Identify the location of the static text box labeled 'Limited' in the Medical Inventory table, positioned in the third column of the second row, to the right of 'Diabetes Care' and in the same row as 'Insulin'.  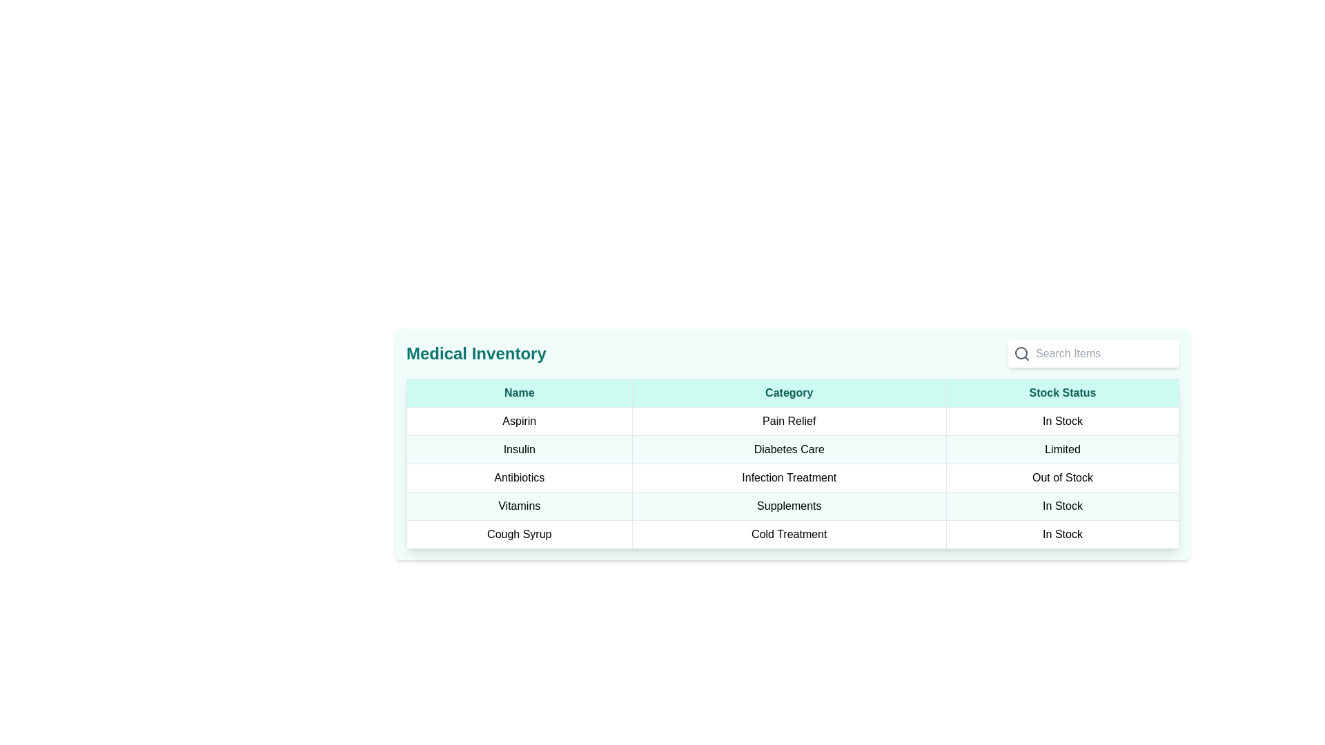
(1062, 449).